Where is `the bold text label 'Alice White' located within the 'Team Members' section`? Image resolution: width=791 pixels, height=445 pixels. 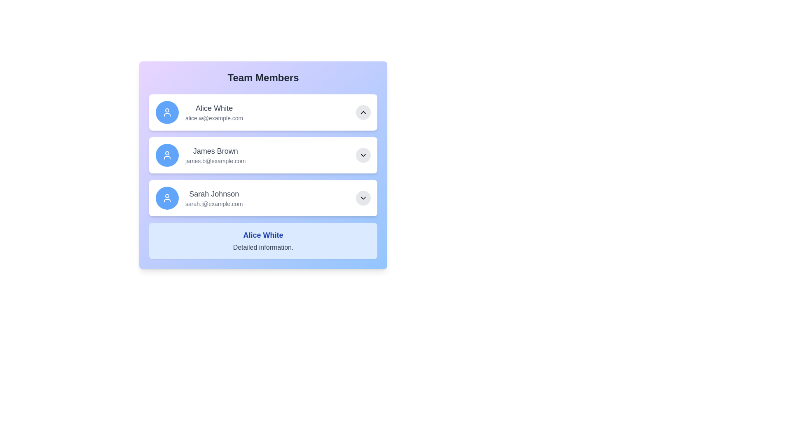 the bold text label 'Alice White' located within the 'Team Members' section is located at coordinates (262, 235).